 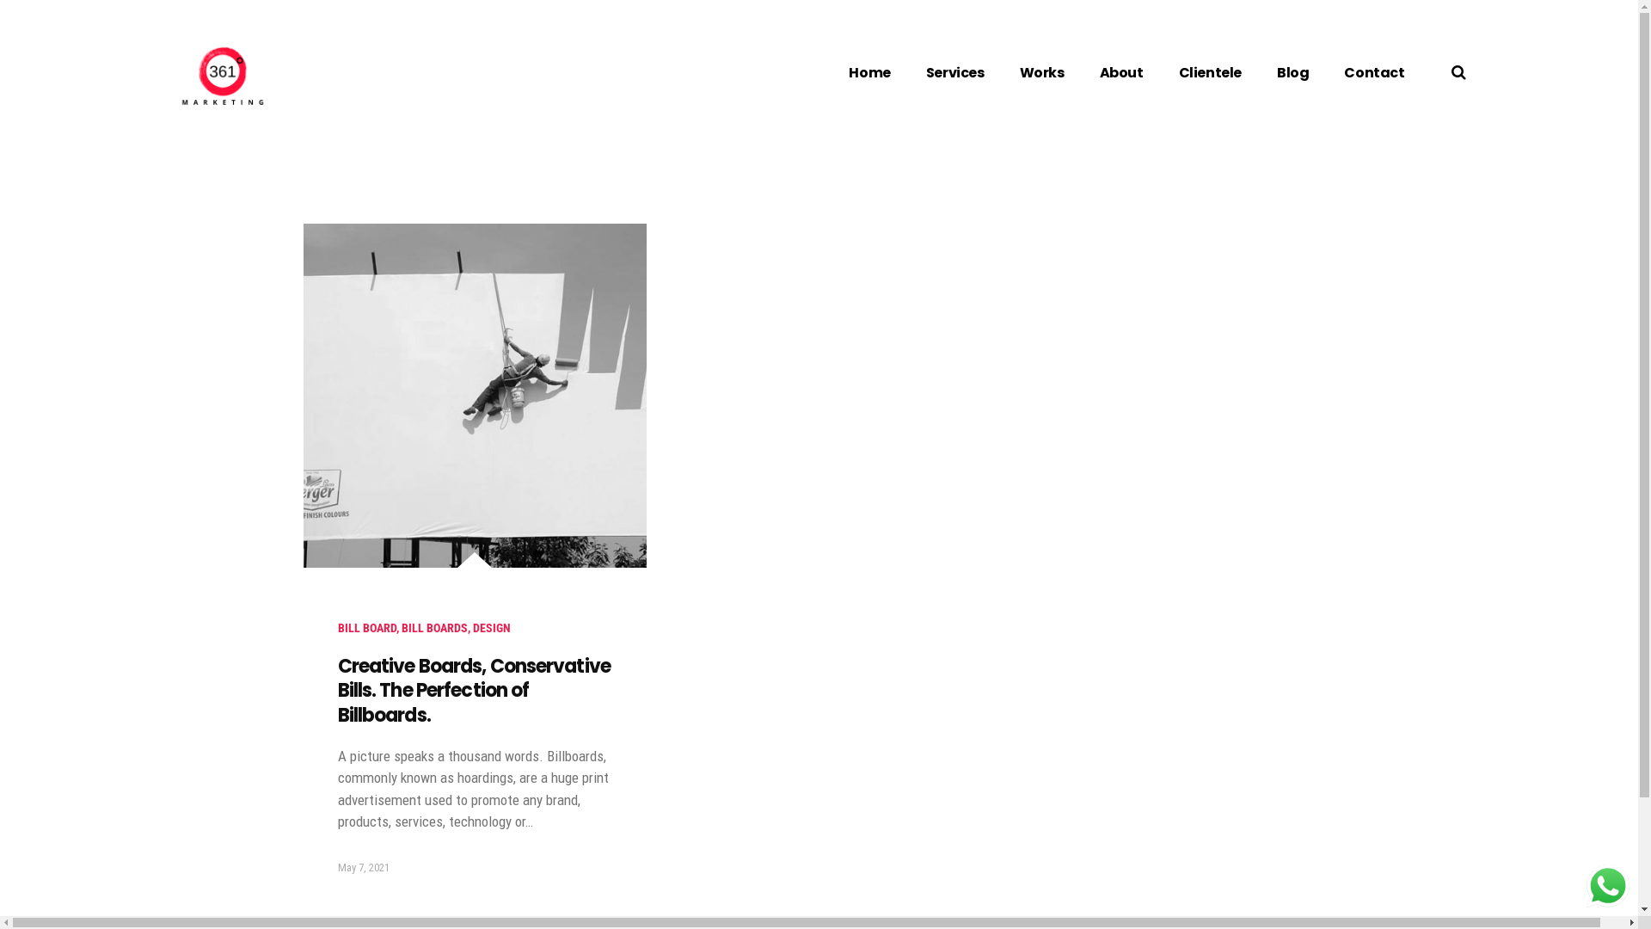 I want to click on 'Home', so click(x=869, y=71).